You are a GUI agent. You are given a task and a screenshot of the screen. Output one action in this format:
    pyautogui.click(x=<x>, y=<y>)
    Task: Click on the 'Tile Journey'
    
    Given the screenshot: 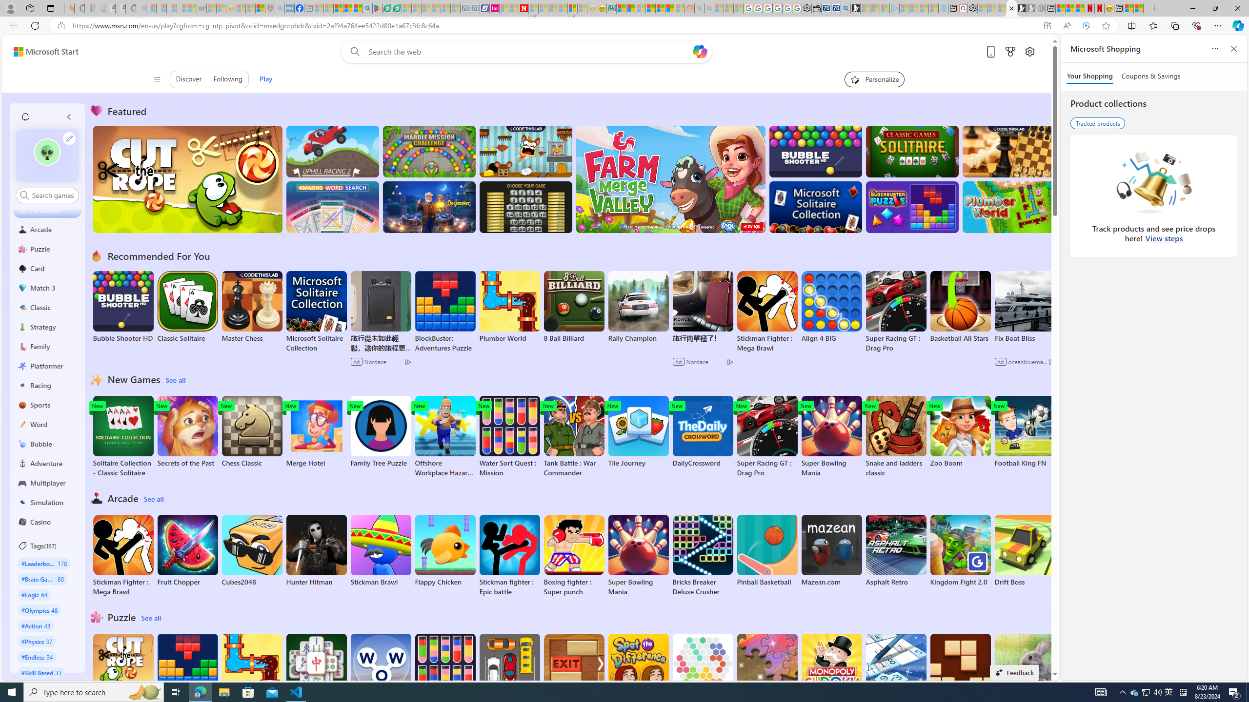 What is the action you would take?
    pyautogui.click(x=638, y=431)
    